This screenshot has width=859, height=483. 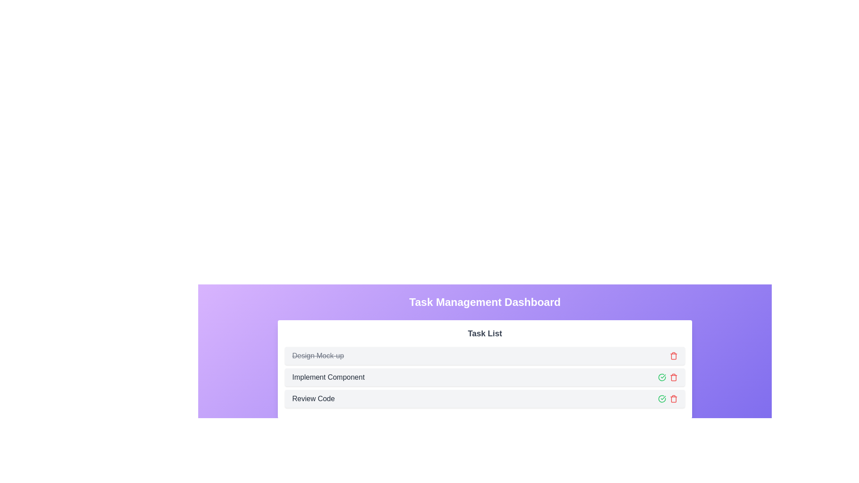 What do you see at coordinates (485, 302) in the screenshot?
I see `the text heading labeled 'Task Management Dashboard', which is styled in a bold and large font, centered within a purple gradient background` at bounding box center [485, 302].